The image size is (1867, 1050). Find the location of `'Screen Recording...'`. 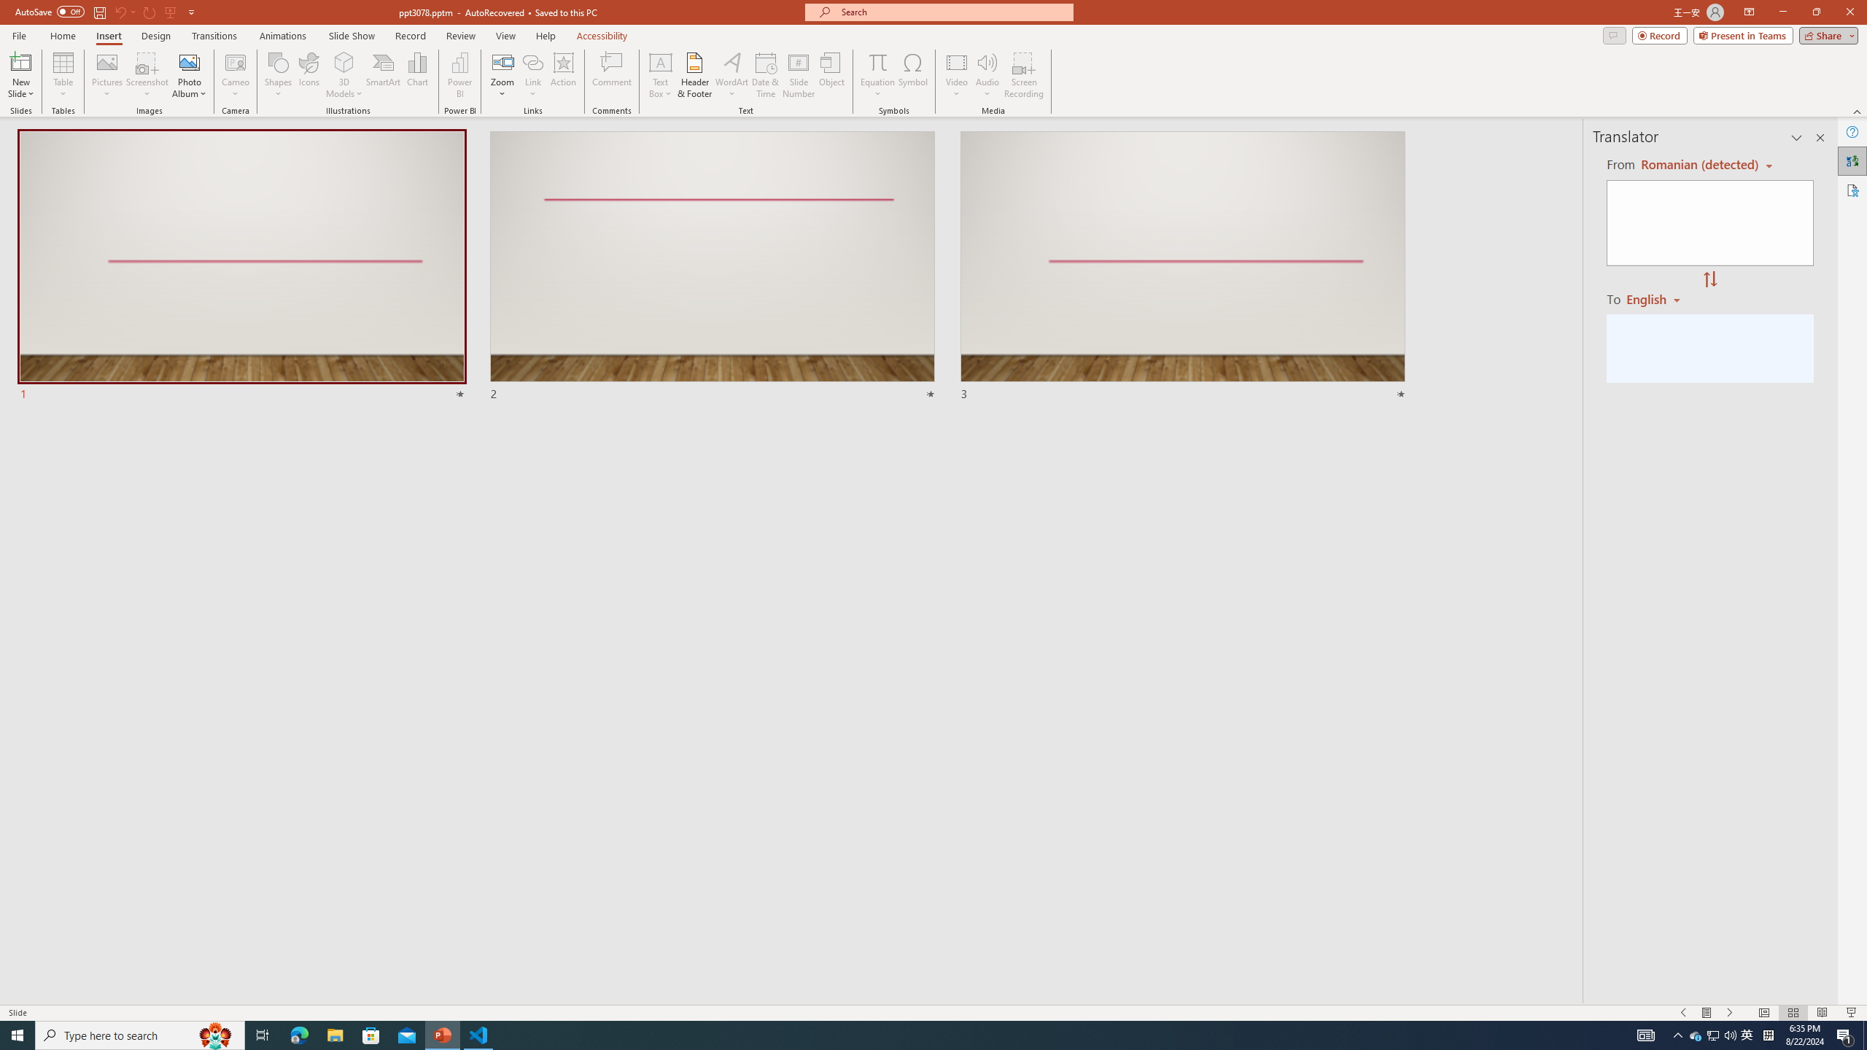

'Screen Recording...' is located at coordinates (1023, 75).